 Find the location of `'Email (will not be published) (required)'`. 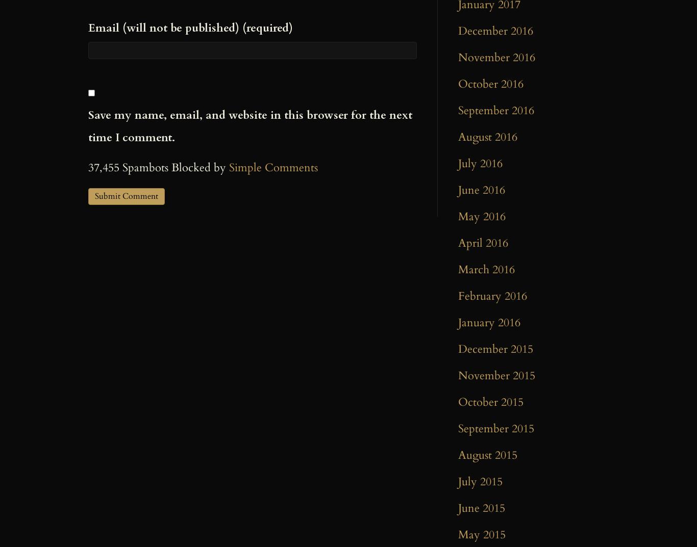

'Email (will not be published) (required)' is located at coordinates (87, 27).